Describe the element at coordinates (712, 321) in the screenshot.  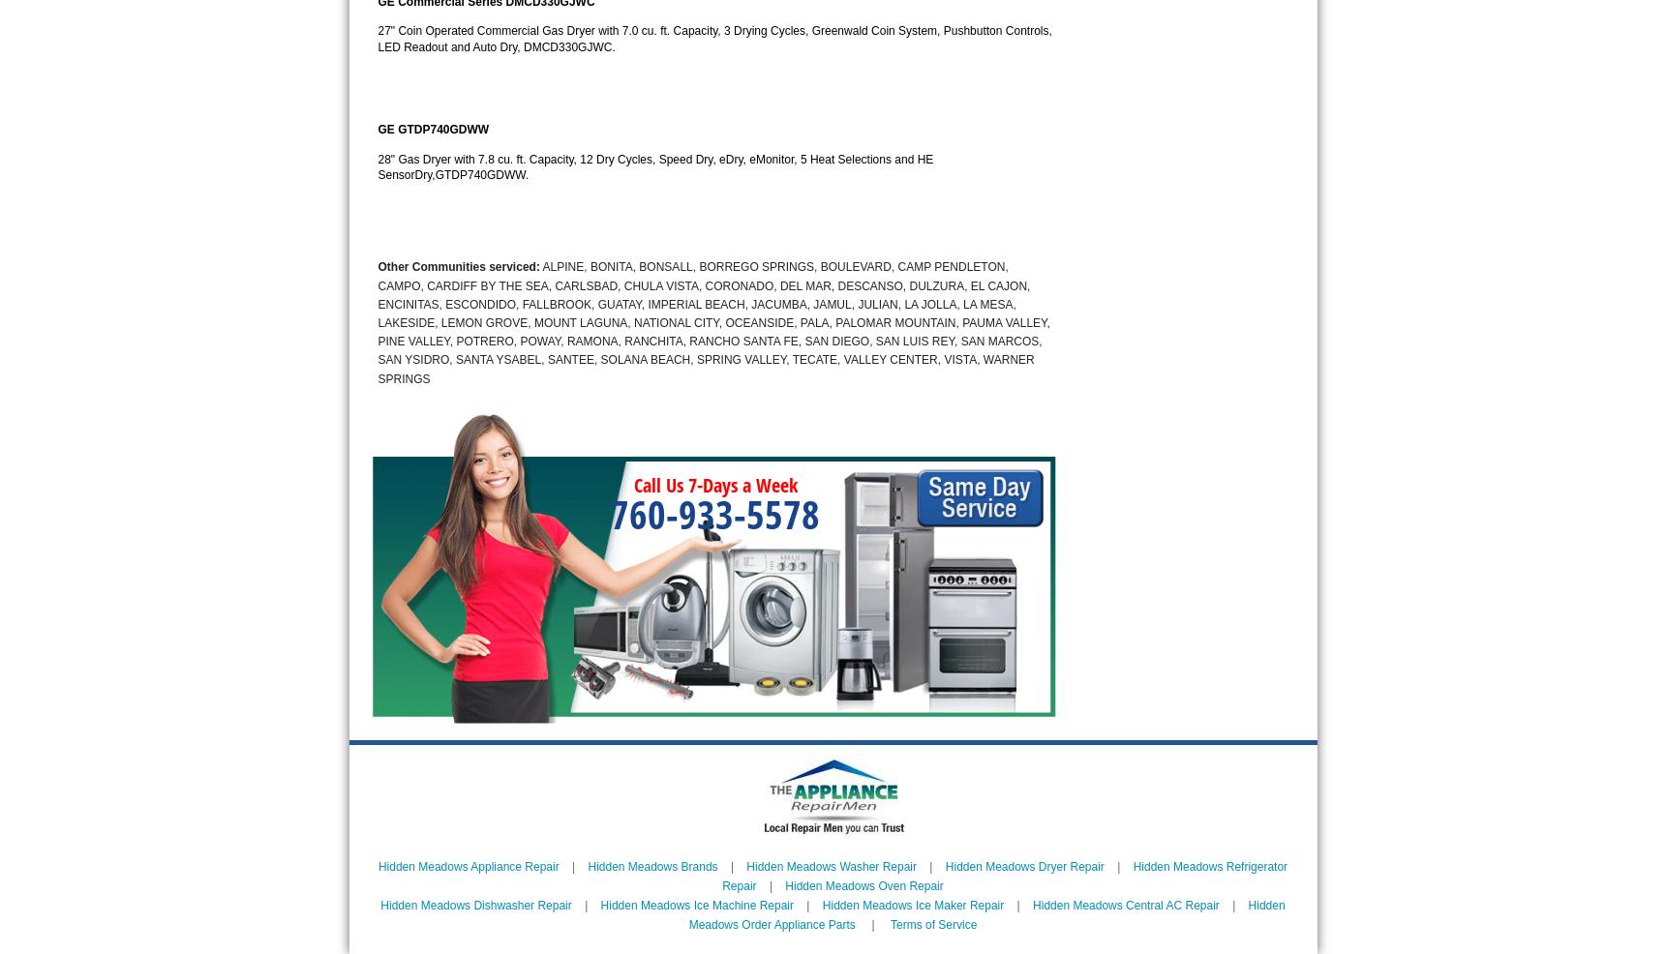
I see `'ALPINE, BONITA, BONSALL, BORREGO SPRINGS, BOULEVARD, CAMP PENDLETON, CAMPO, CARDIFF BY THE SEA, CARLSBAD, CHULA VISTA, CORONADO, DEL MAR, DESCANSO, DULZURA, EL CAJON, ENCINITAS, ESCONDIDO, FALLBROOK, GUATAY, IMPERIAL BEACH, JACUMBA, JAMUL, JULIAN, LA JOLLA, LA MESA, LAKESIDE, LEMON GROVE, MOUNT LAGUNA, NATIONAL CITY, OCEANSIDE, PALA, PALOMAR MOUNTAIN, PAUMA VALLEY, PINE VALLEY, POTRERO, POWAY, RAMONA, RANCHITA, RANCHO SANTA FE, SAN DIEGO, SAN LUIS REY, SAN MARCOS, SAN YSIDRO, SANTA YSABEL, SANTEE, SOLANA BEACH, SPRING VALLEY, TECATE, VALLEY CENTER, VISTA, WARNER SPRINGS'` at that location.